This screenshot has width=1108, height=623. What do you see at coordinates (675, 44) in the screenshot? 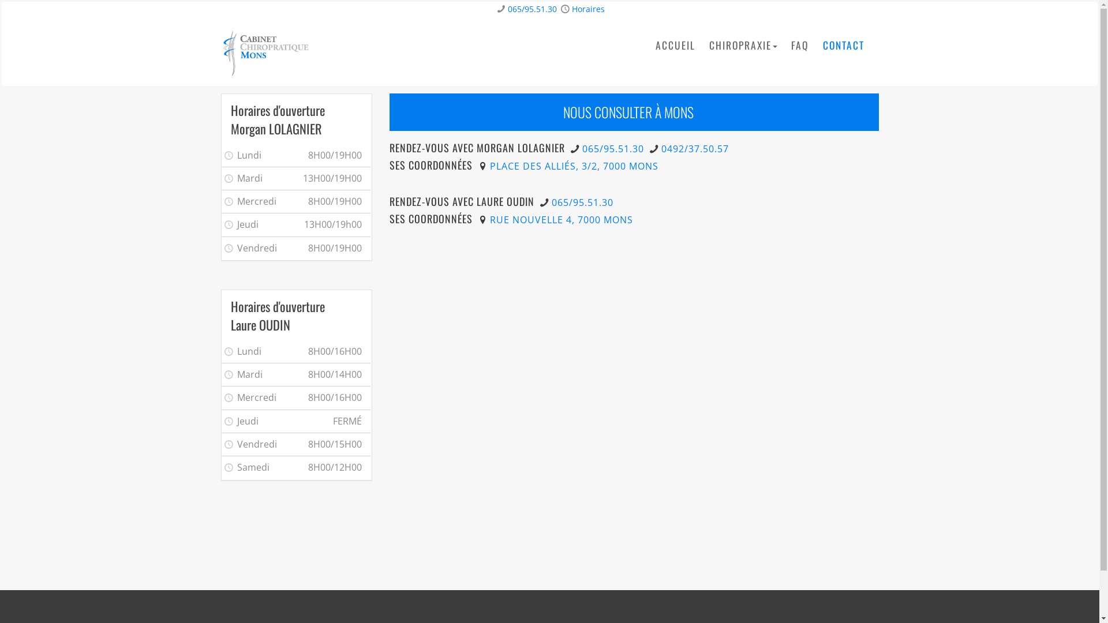
I see `'ACCUEIL'` at bounding box center [675, 44].